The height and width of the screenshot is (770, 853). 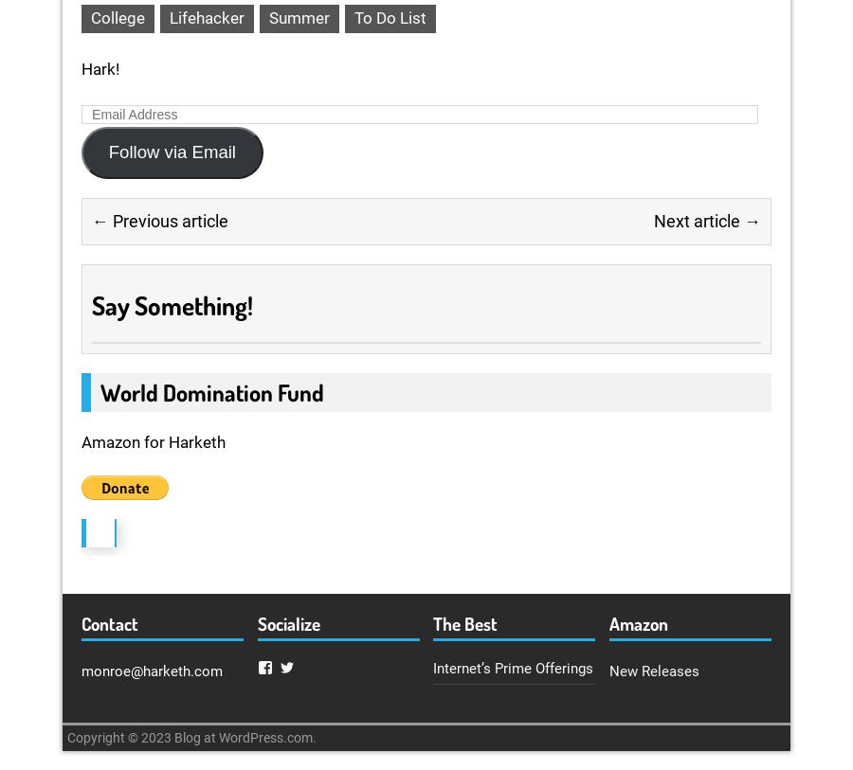 I want to click on '← Previous article', so click(x=159, y=220).